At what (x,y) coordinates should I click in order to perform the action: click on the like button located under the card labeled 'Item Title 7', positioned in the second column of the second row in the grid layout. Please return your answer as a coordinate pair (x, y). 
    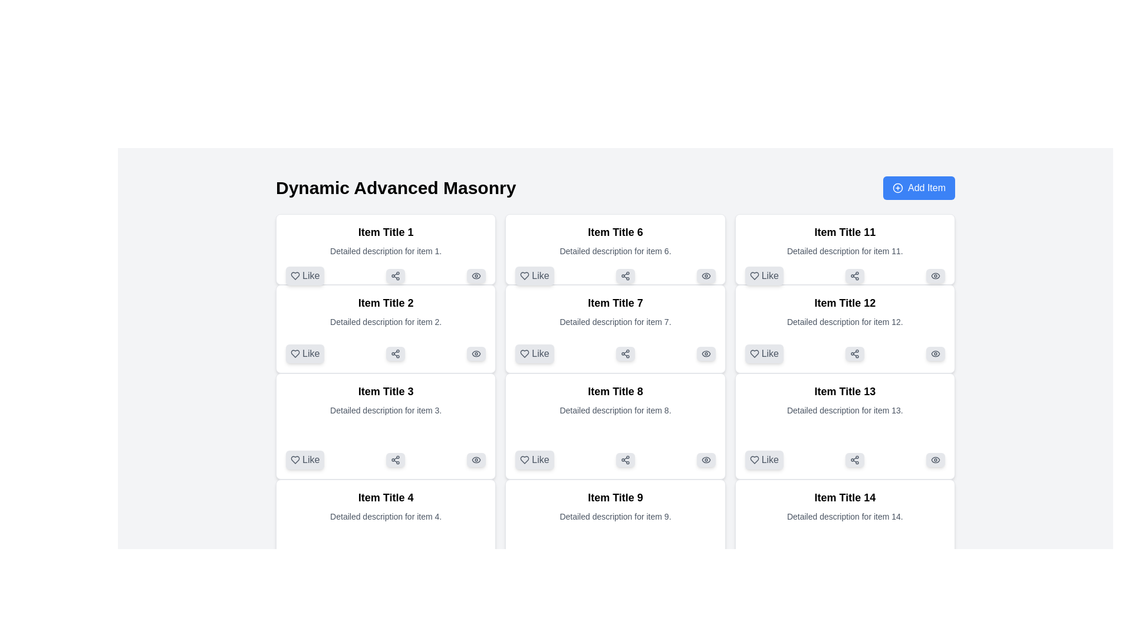
    Looking at the image, I should click on (534, 353).